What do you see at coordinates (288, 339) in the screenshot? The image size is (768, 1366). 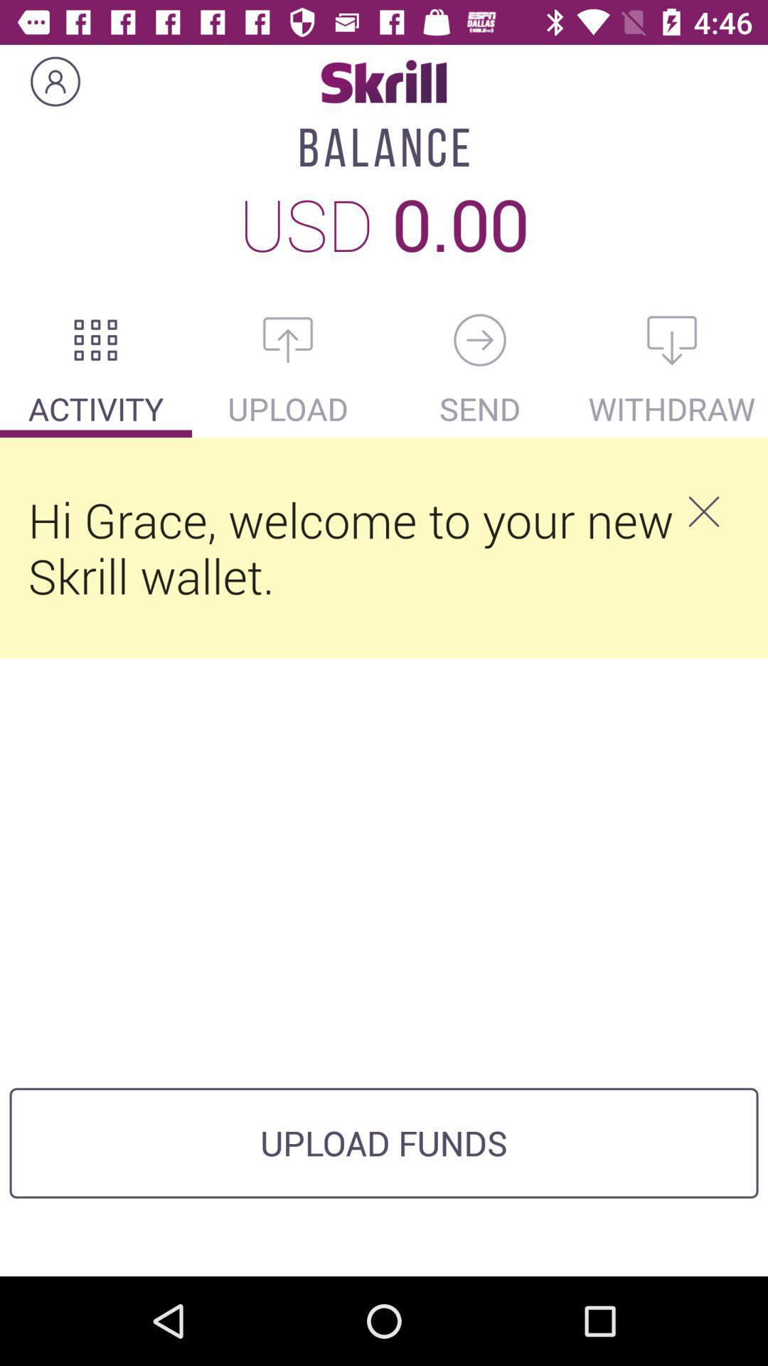 I see `upload` at bounding box center [288, 339].